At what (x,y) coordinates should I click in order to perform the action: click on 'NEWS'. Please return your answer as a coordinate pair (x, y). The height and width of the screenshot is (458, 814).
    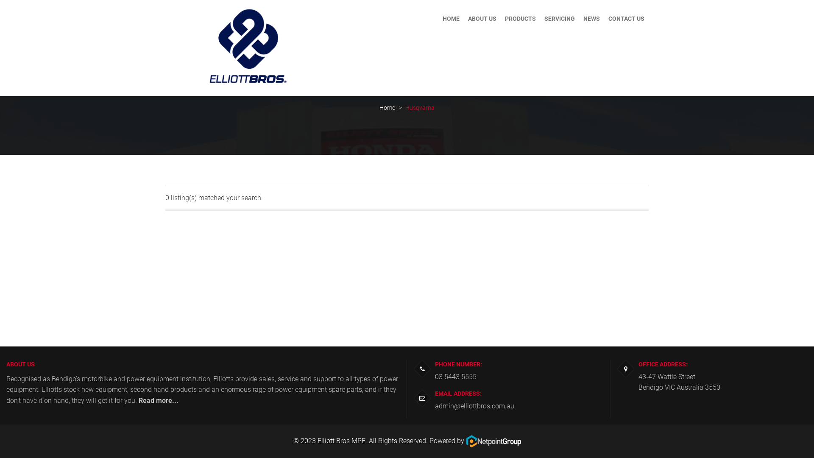
    Looking at the image, I should click on (579, 18).